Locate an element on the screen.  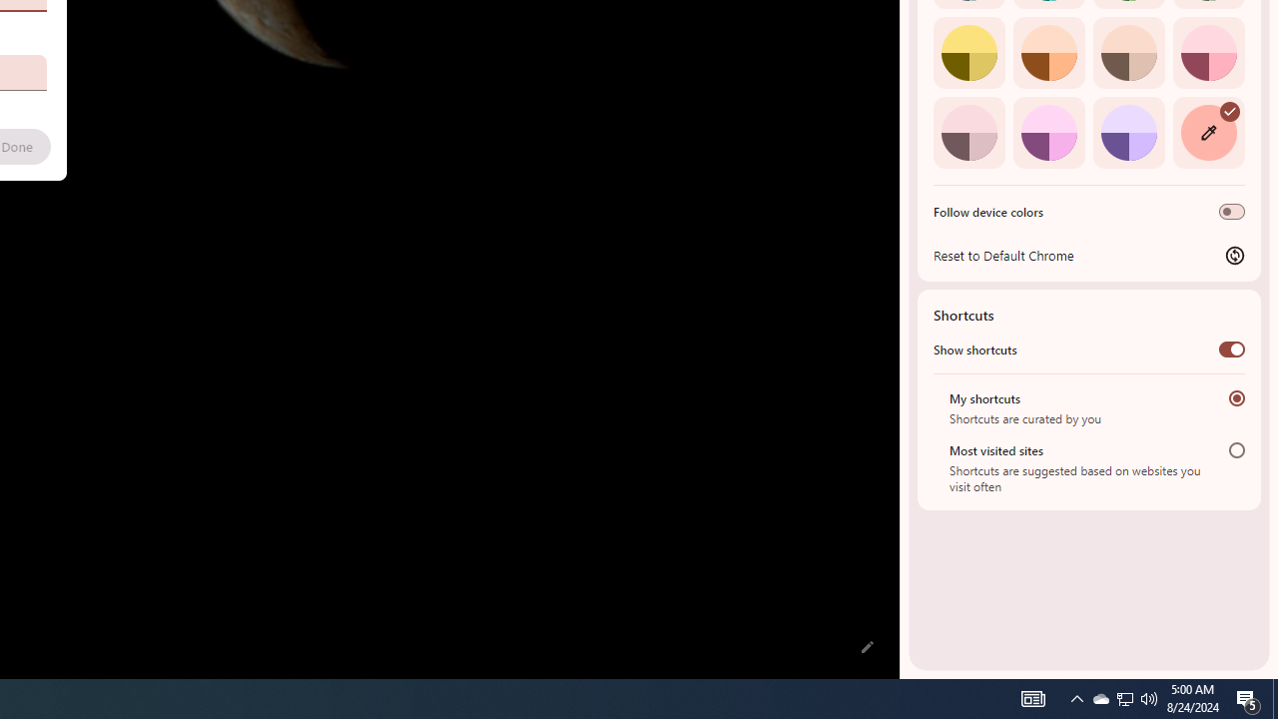
'My shortcuts' is located at coordinates (1236, 397).